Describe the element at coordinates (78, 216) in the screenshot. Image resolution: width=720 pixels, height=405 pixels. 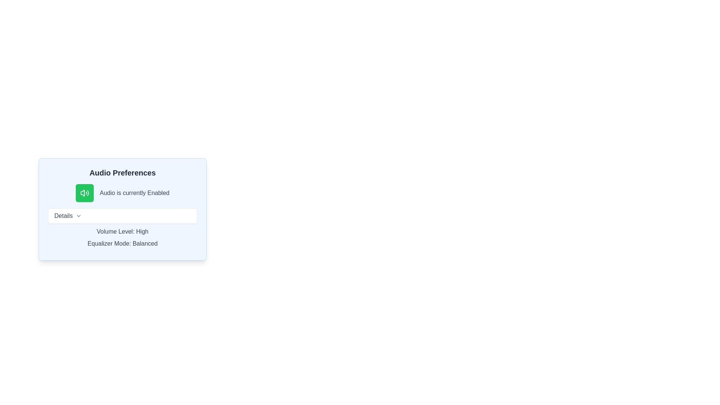
I see `the chevron down icon located on the right side of the 'Details' button` at that location.